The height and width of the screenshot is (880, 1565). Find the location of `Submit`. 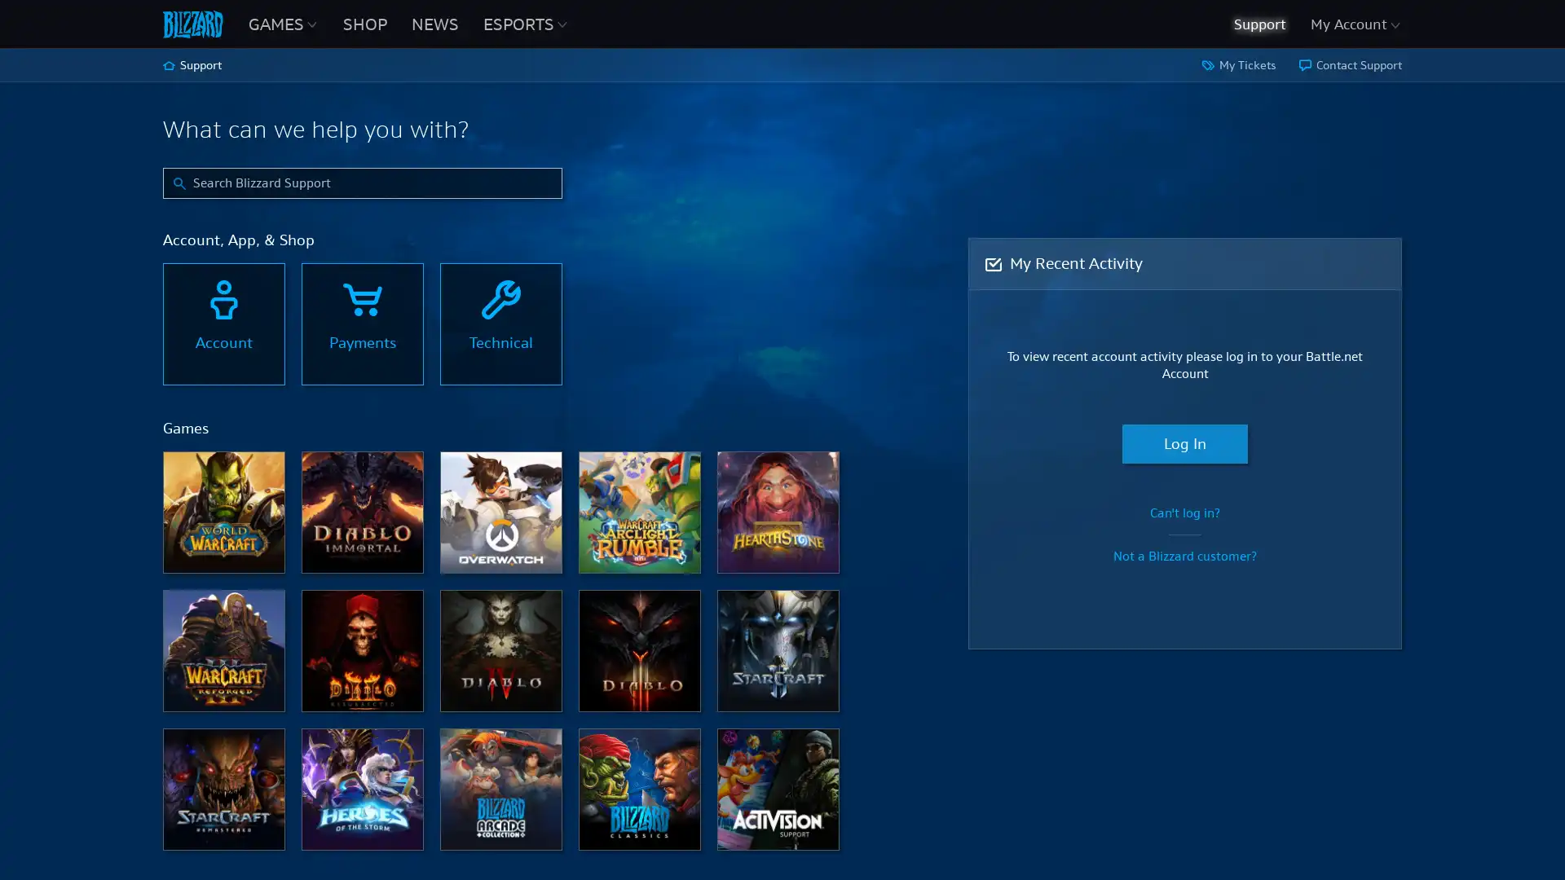

Submit is located at coordinates (179, 179).